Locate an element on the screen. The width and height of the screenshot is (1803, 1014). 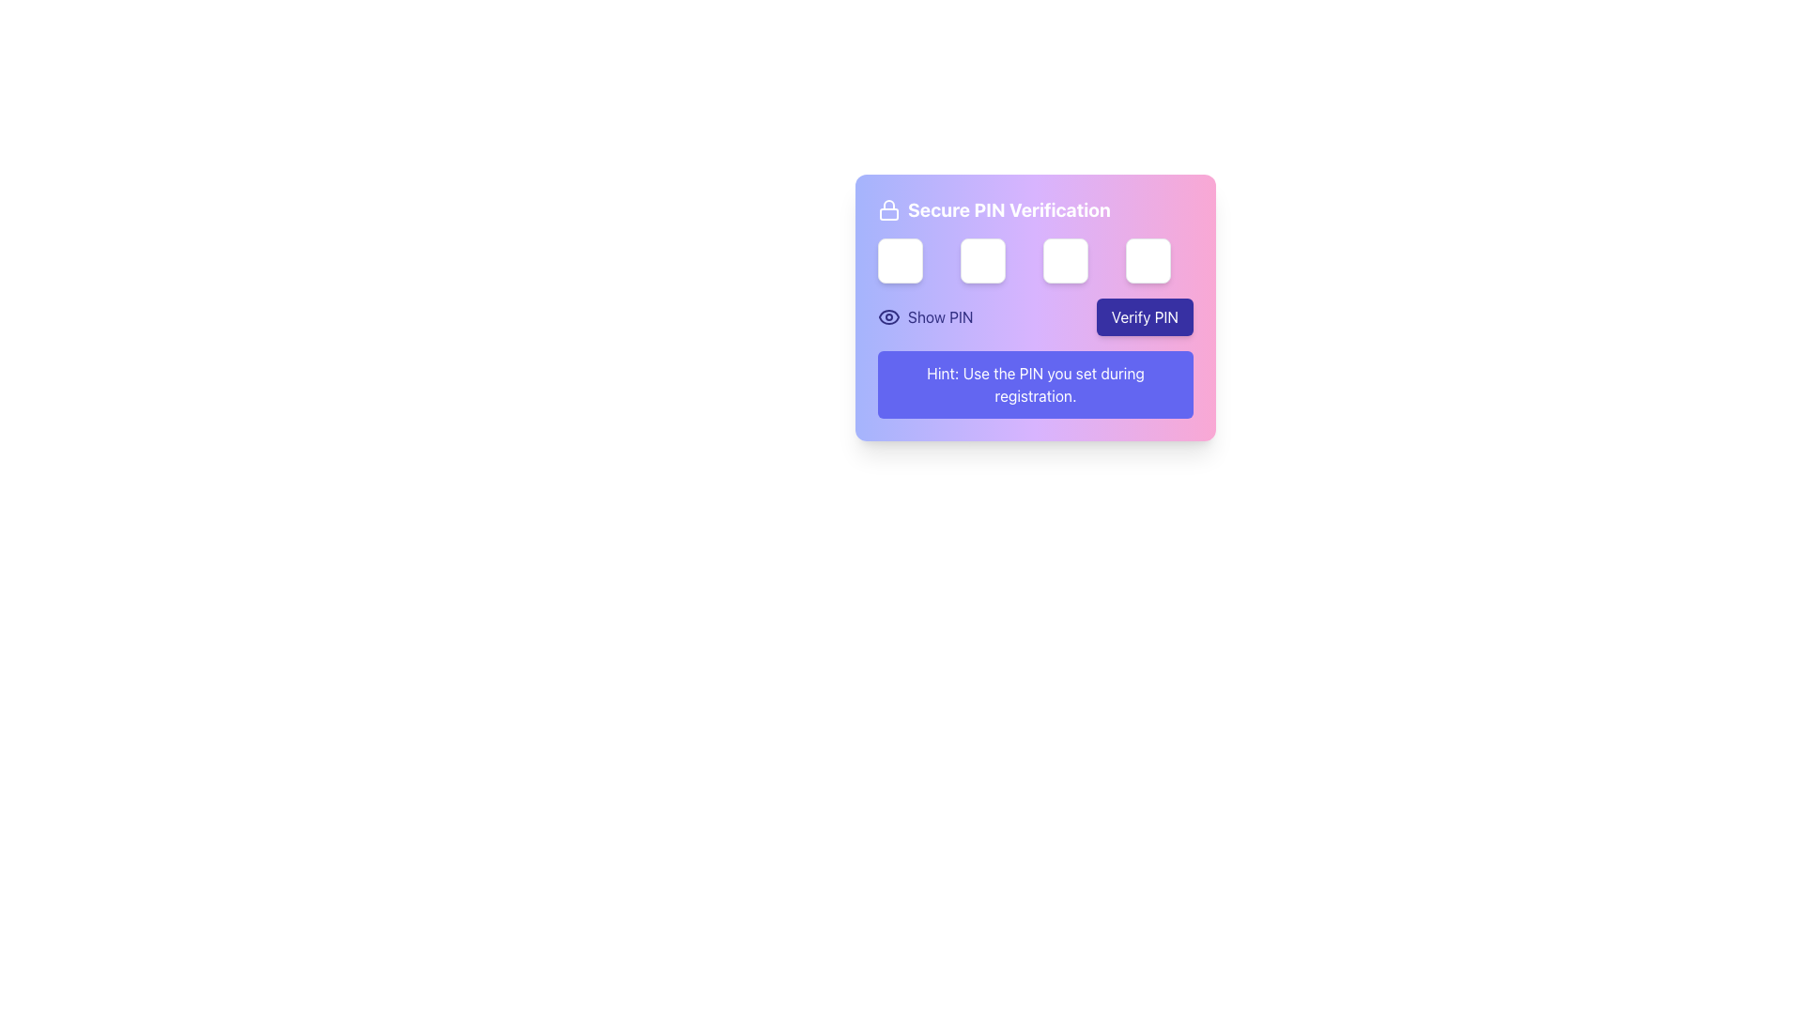
the PIN verification button located in the lower right portion of the card-like component is located at coordinates (1144, 316).